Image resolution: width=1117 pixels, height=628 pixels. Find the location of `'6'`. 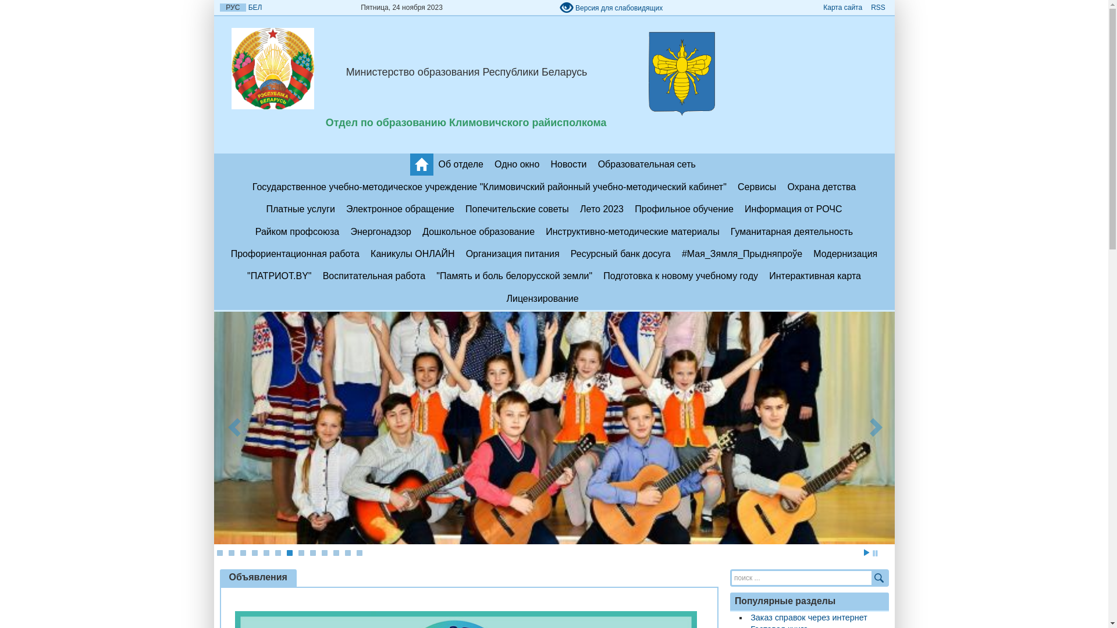

'6' is located at coordinates (276, 552).